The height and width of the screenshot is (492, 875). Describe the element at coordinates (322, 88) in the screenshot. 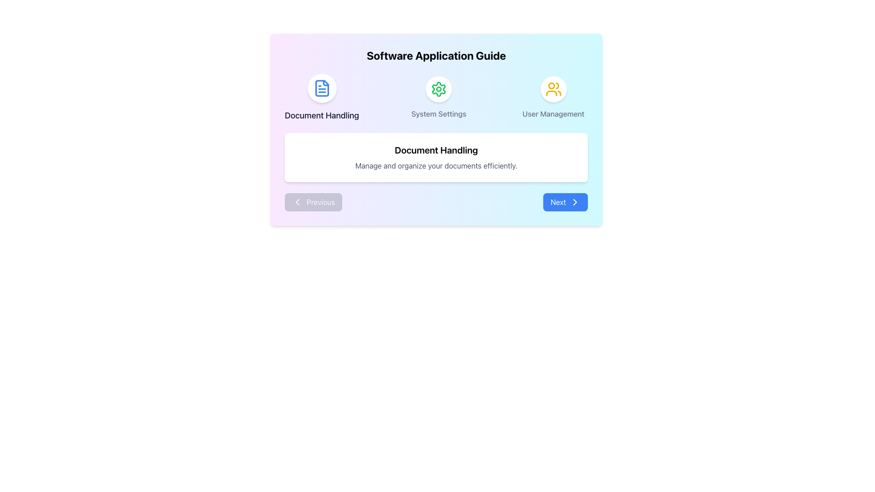

I see `the circular white icon with a blue file-text graphic in the 'Document Handling' section` at that location.